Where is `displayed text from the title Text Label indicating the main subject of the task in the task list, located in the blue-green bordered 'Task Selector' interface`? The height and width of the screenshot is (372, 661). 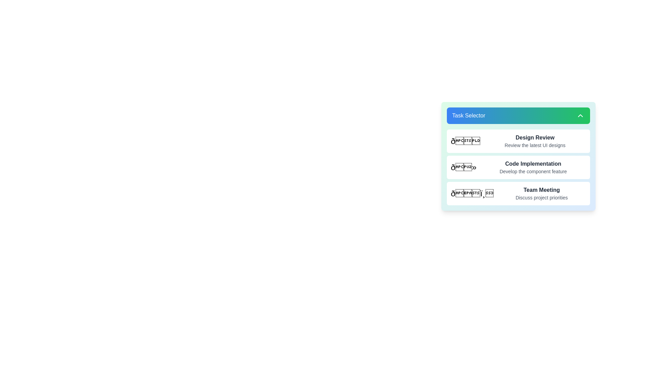
displayed text from the title Text Label indicating the main subject of the task in the task list, located in the blue-green bordered 'Task Selector' interface is located at coordinates (541, 190).